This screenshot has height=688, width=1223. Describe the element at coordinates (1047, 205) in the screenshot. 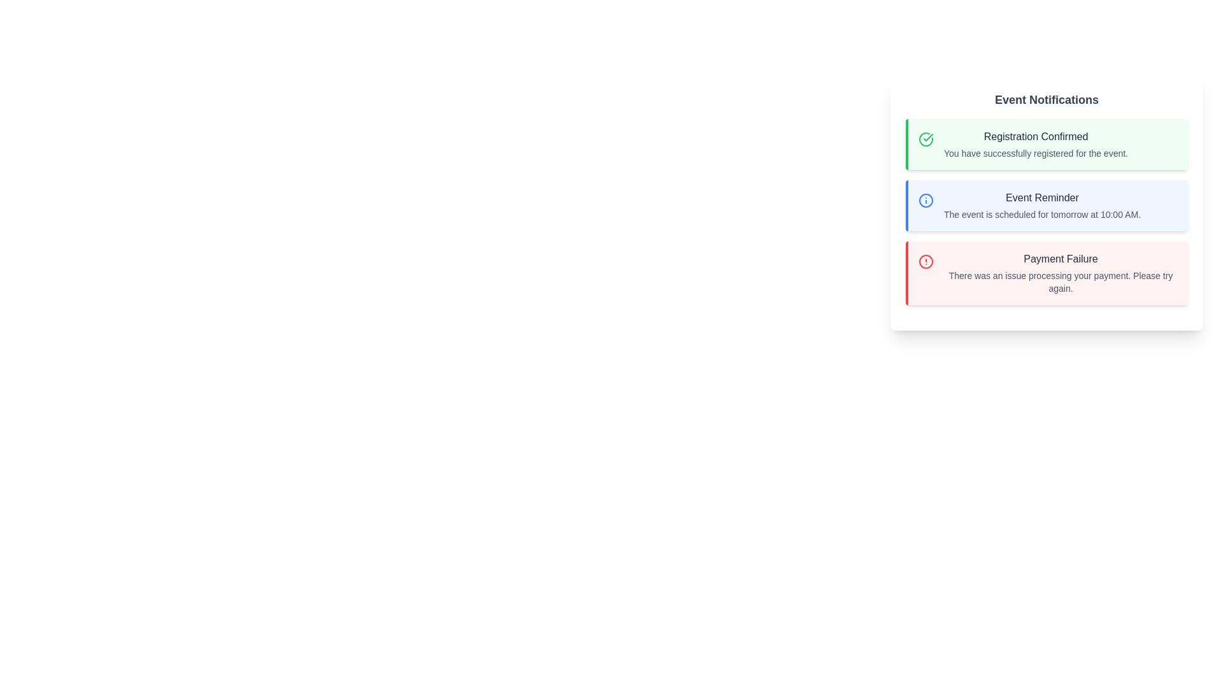

I see `the Notification Panel element titled 'Event Reminder' which has a blue border and a light blue background for further interaction` at that location.